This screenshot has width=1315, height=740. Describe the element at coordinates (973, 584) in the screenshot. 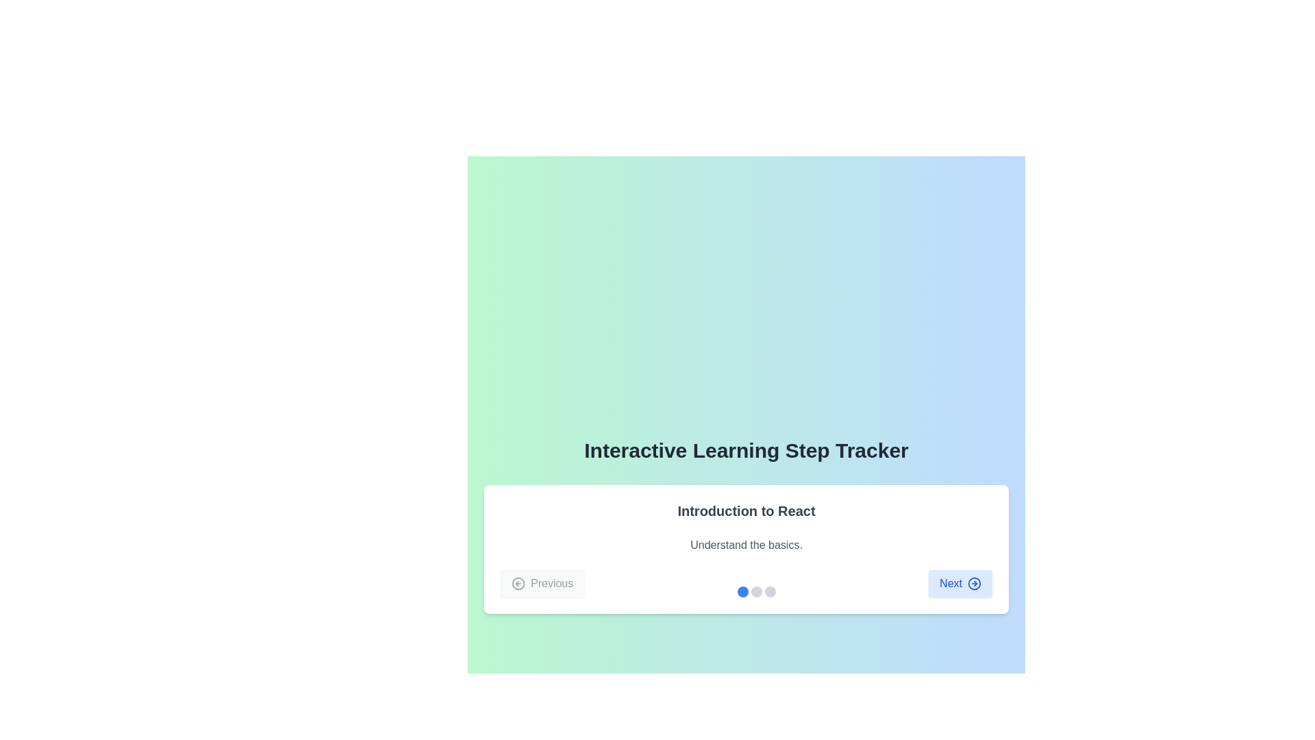

I see `the 'Next' button located at the bottom-right of the visible card, which is visually reinforced by the icon indicating progression to the next step or page` at that location.